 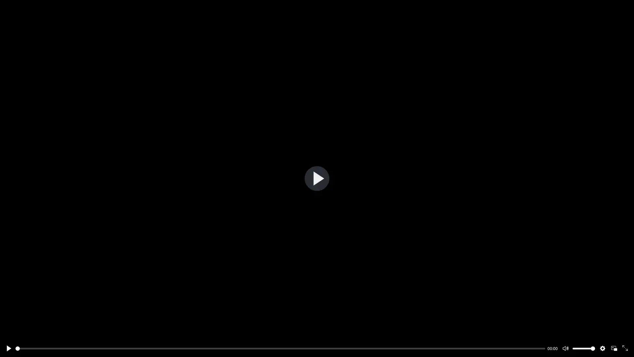 What do you see at coordinates (565, 348) in the screenshot?
I see `Sla av ljud` at bounding box center [565, 348].